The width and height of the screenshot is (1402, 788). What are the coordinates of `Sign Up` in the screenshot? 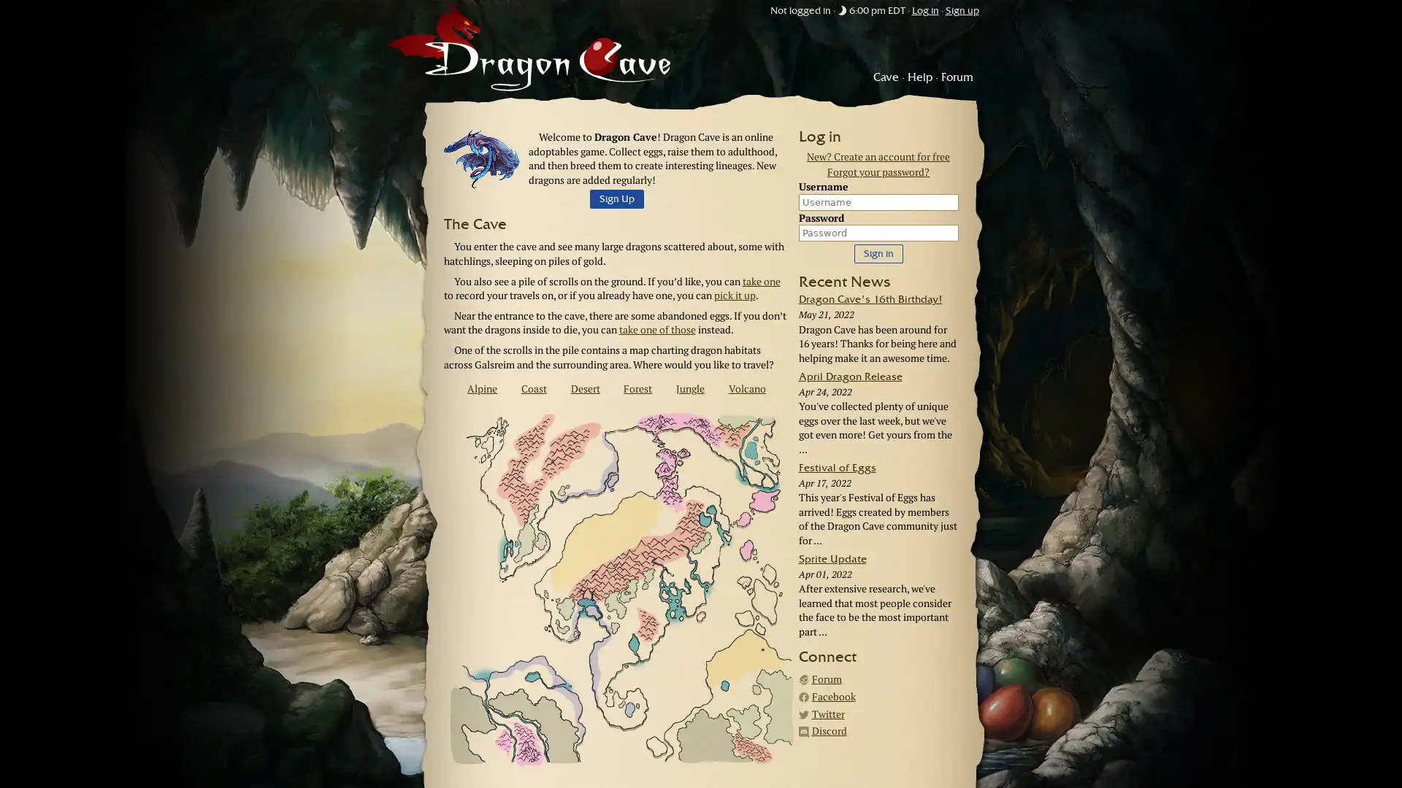 It's located at (616, 199).